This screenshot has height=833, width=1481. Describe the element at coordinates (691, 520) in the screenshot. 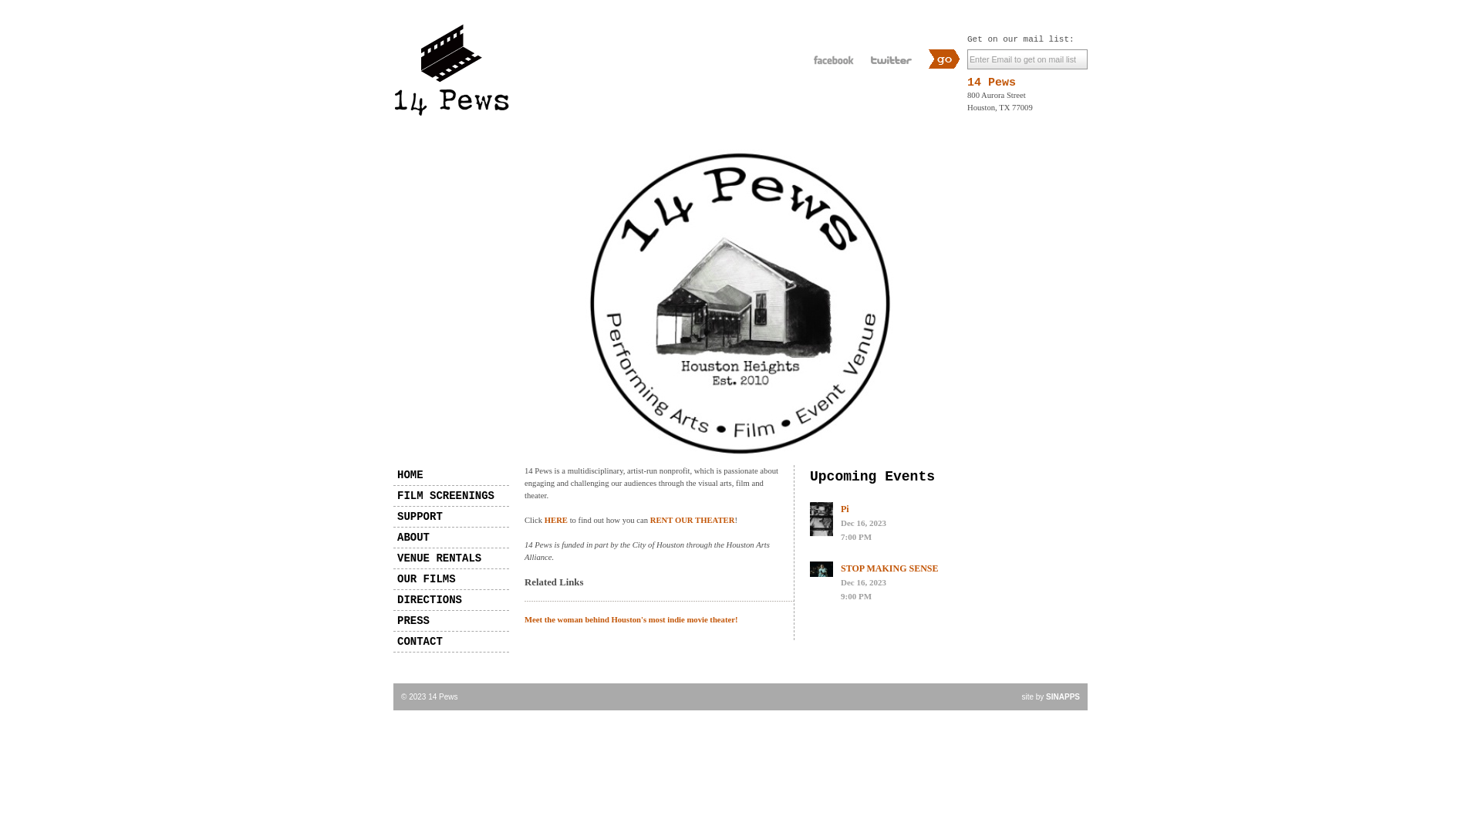

I see `'RENT OUR THEATER'` at that location.